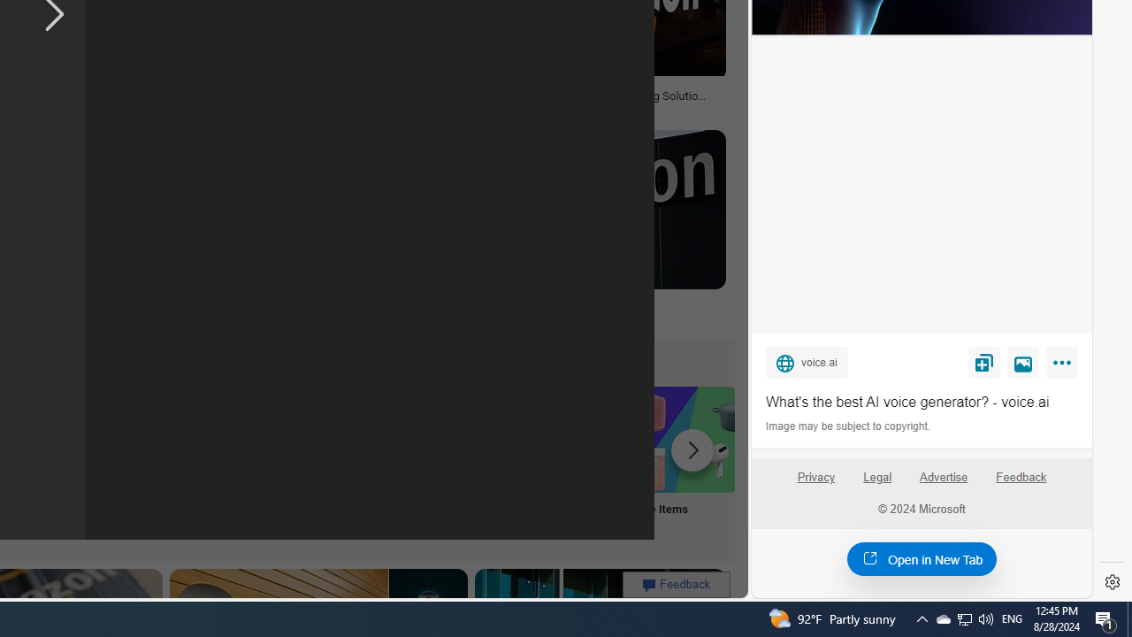 The width and height of the screenshot is (1132, 637). What do you see at coordinates (692, 449) in the screenshot?
I see `'Scroll more suggestions right'` at bounding box center [692, 449].